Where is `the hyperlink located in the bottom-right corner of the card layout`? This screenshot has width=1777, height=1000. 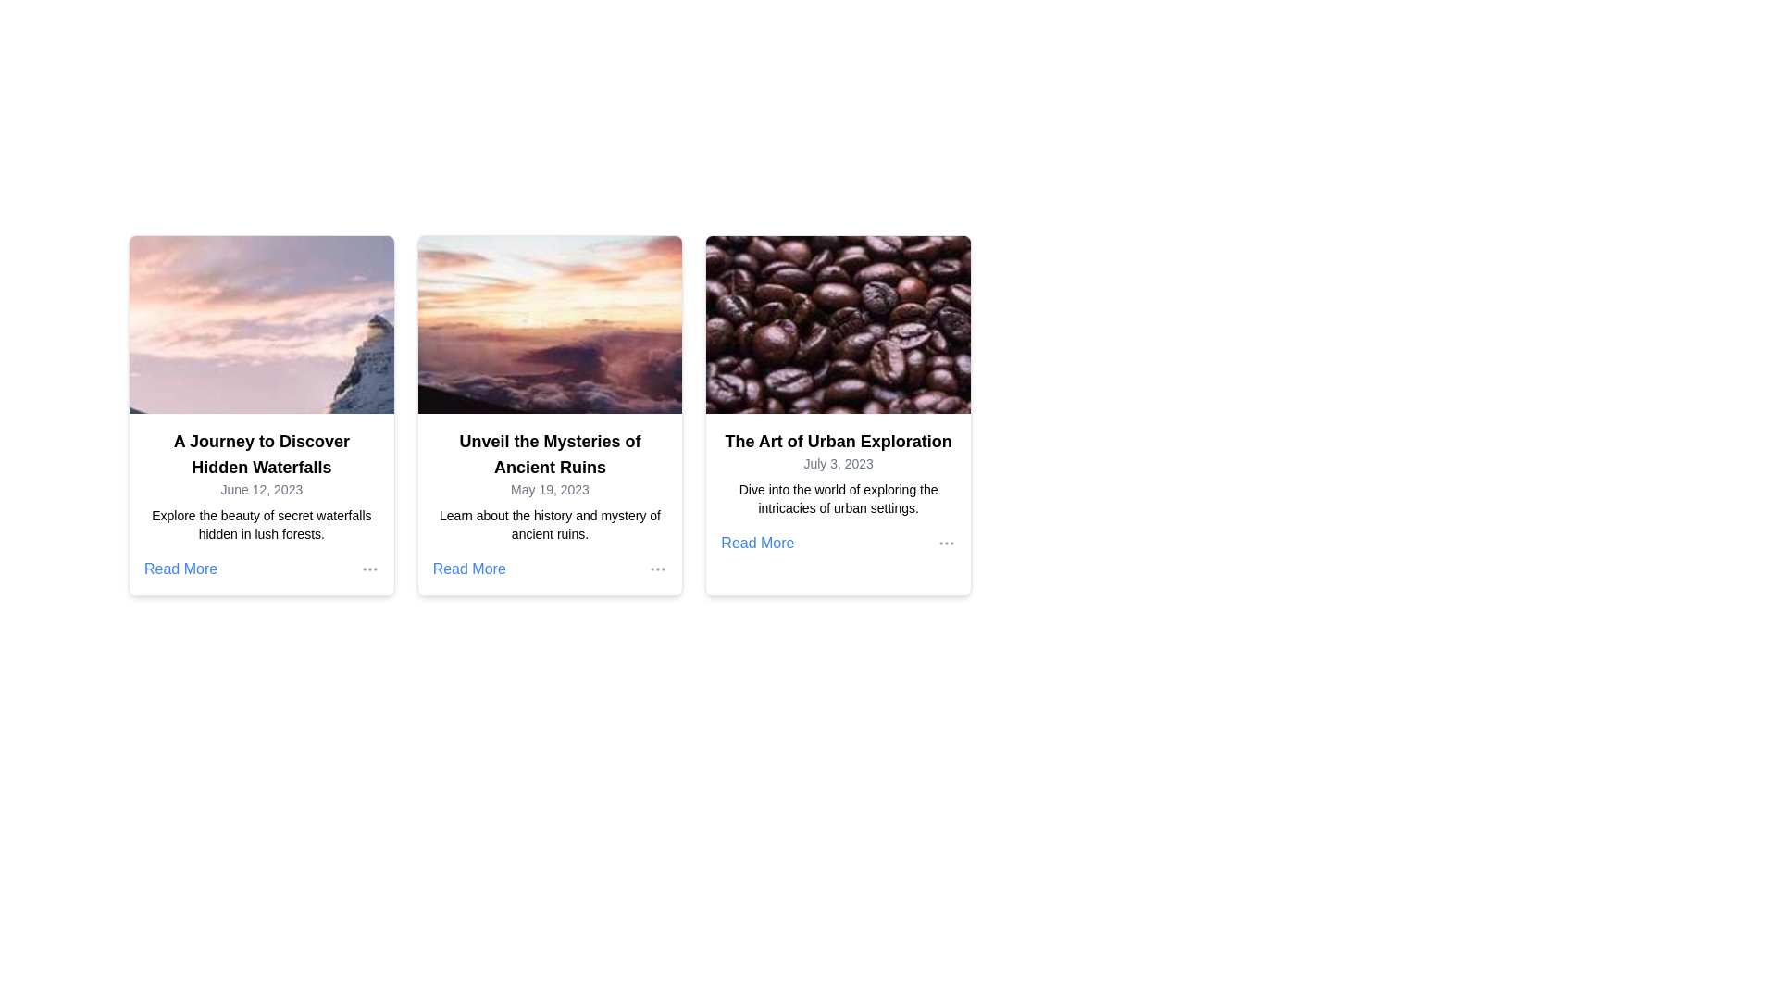
the hyperlink located in the bottom-right corner of the card layout is located at coordinates (757, 542).